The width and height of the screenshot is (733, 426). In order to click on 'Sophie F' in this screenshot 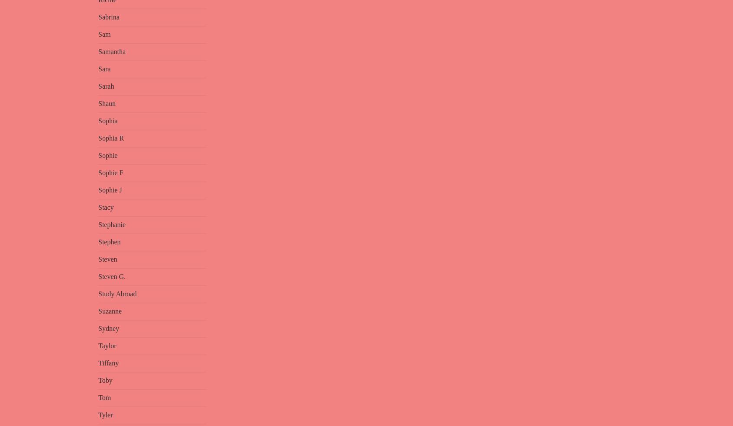, I will do `click(110, 172)`.